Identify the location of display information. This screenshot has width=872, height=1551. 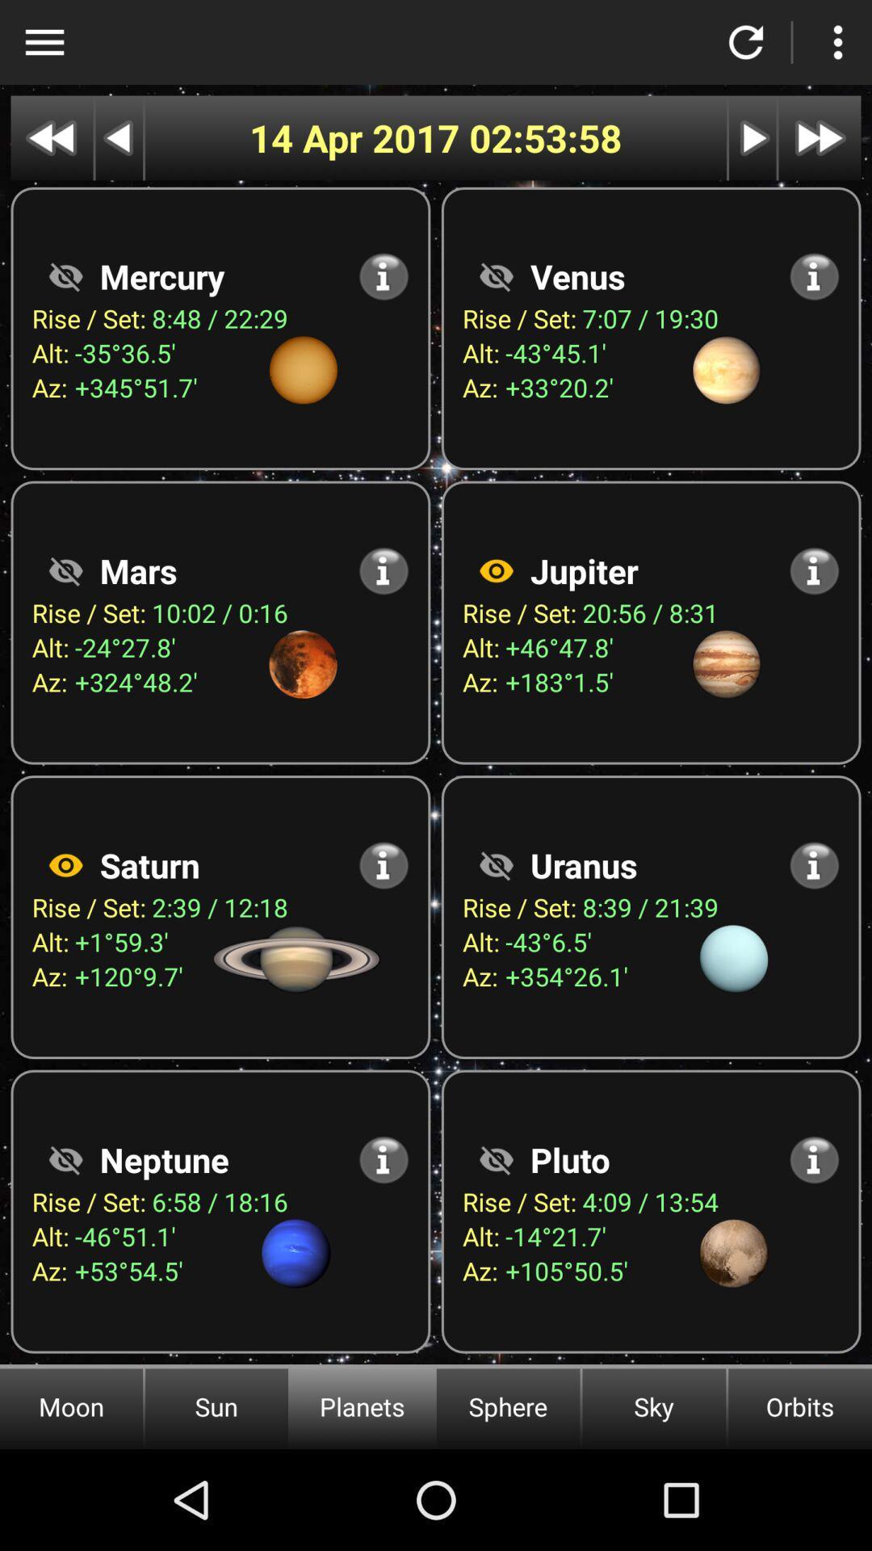
(384, 864).